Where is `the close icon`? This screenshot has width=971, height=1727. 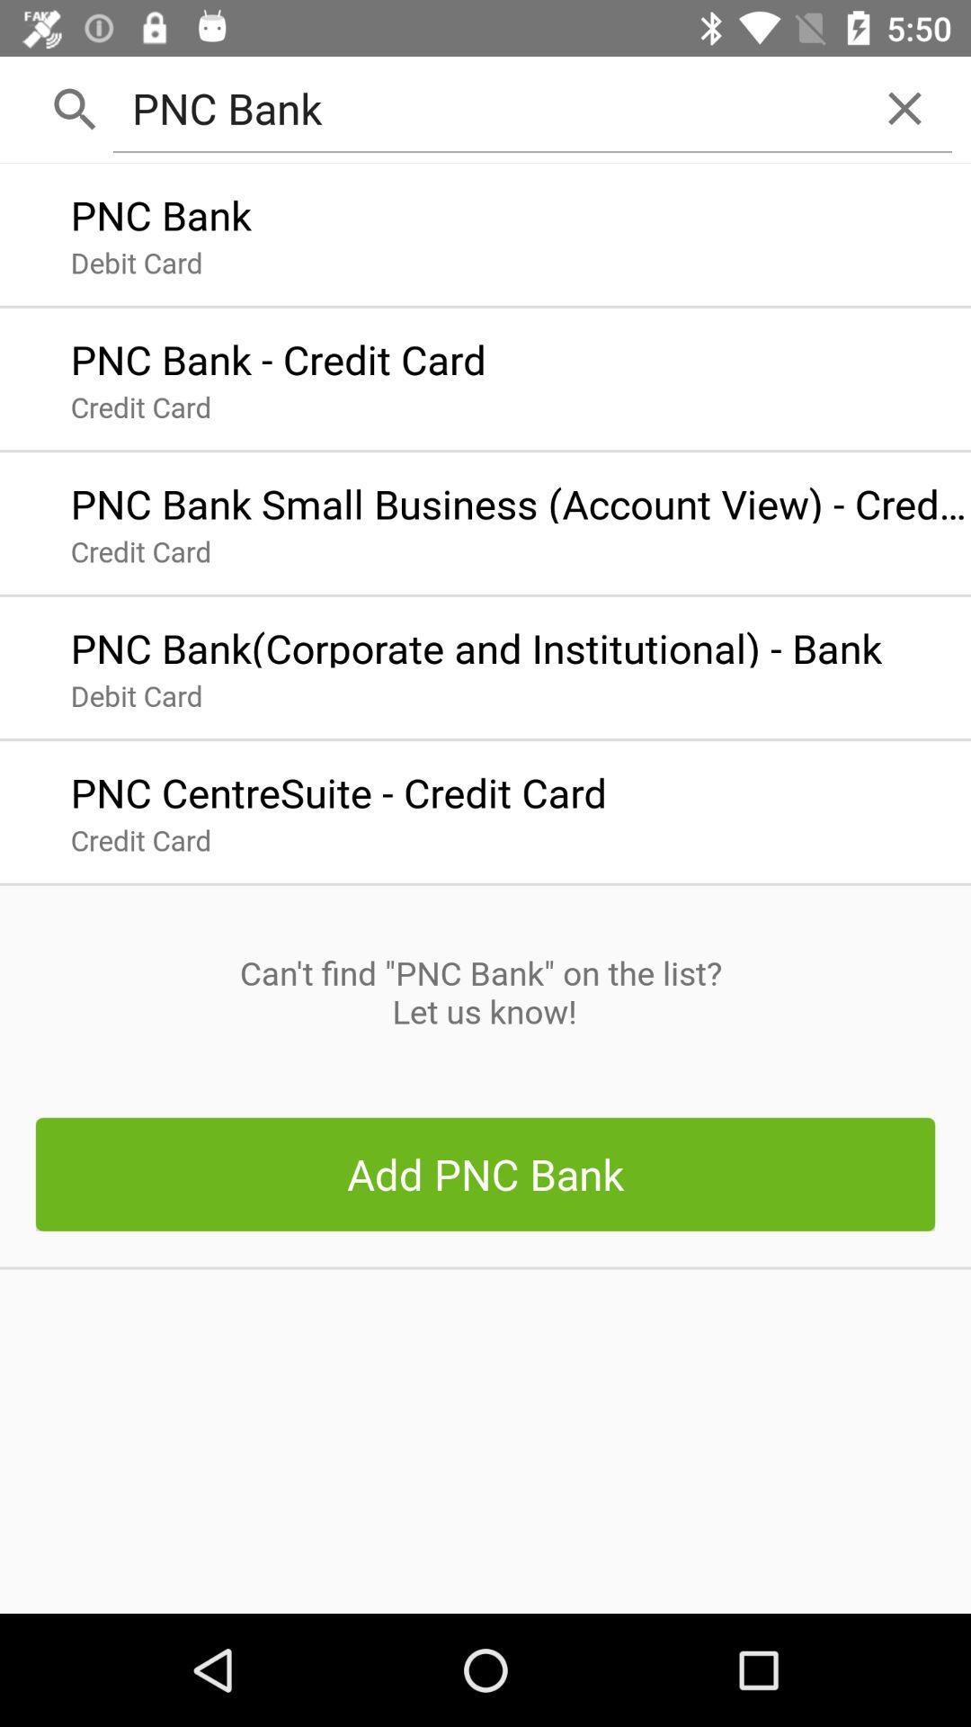
the close icon is located at coordinates (904, 107).